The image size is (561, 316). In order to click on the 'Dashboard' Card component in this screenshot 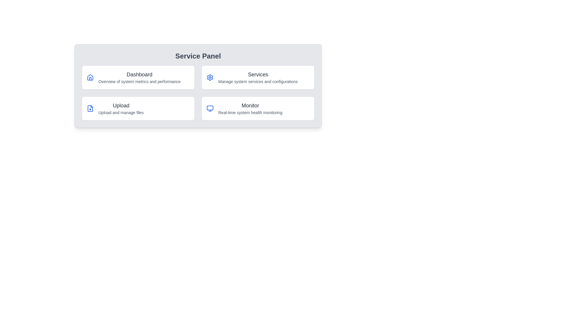, I will do `click(138, 77)`.